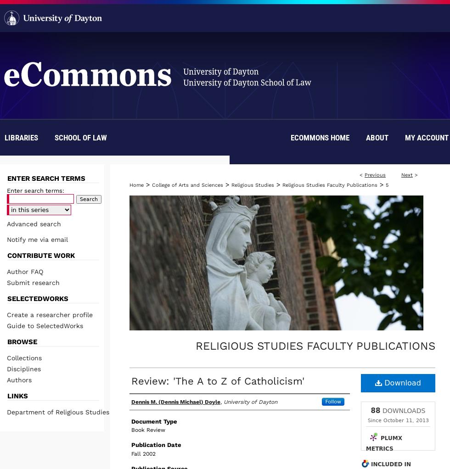 This screenshot has width=450, height=469. I want to click on 'Book Review', so click(148, 430).